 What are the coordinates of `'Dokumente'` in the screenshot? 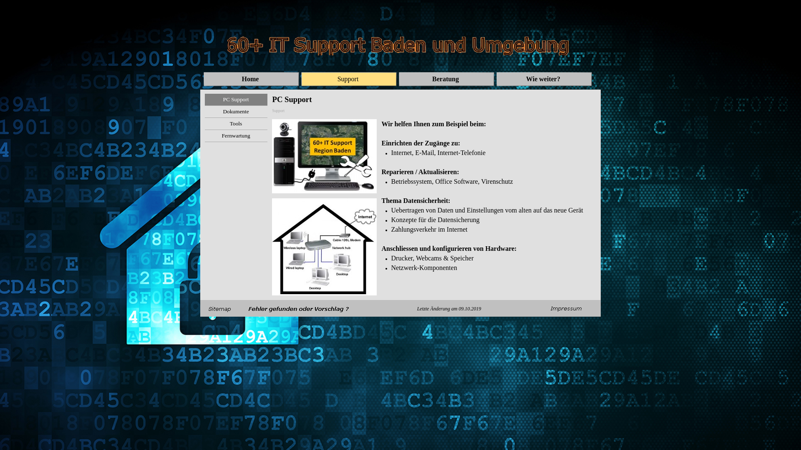 It's located at (235, 111).